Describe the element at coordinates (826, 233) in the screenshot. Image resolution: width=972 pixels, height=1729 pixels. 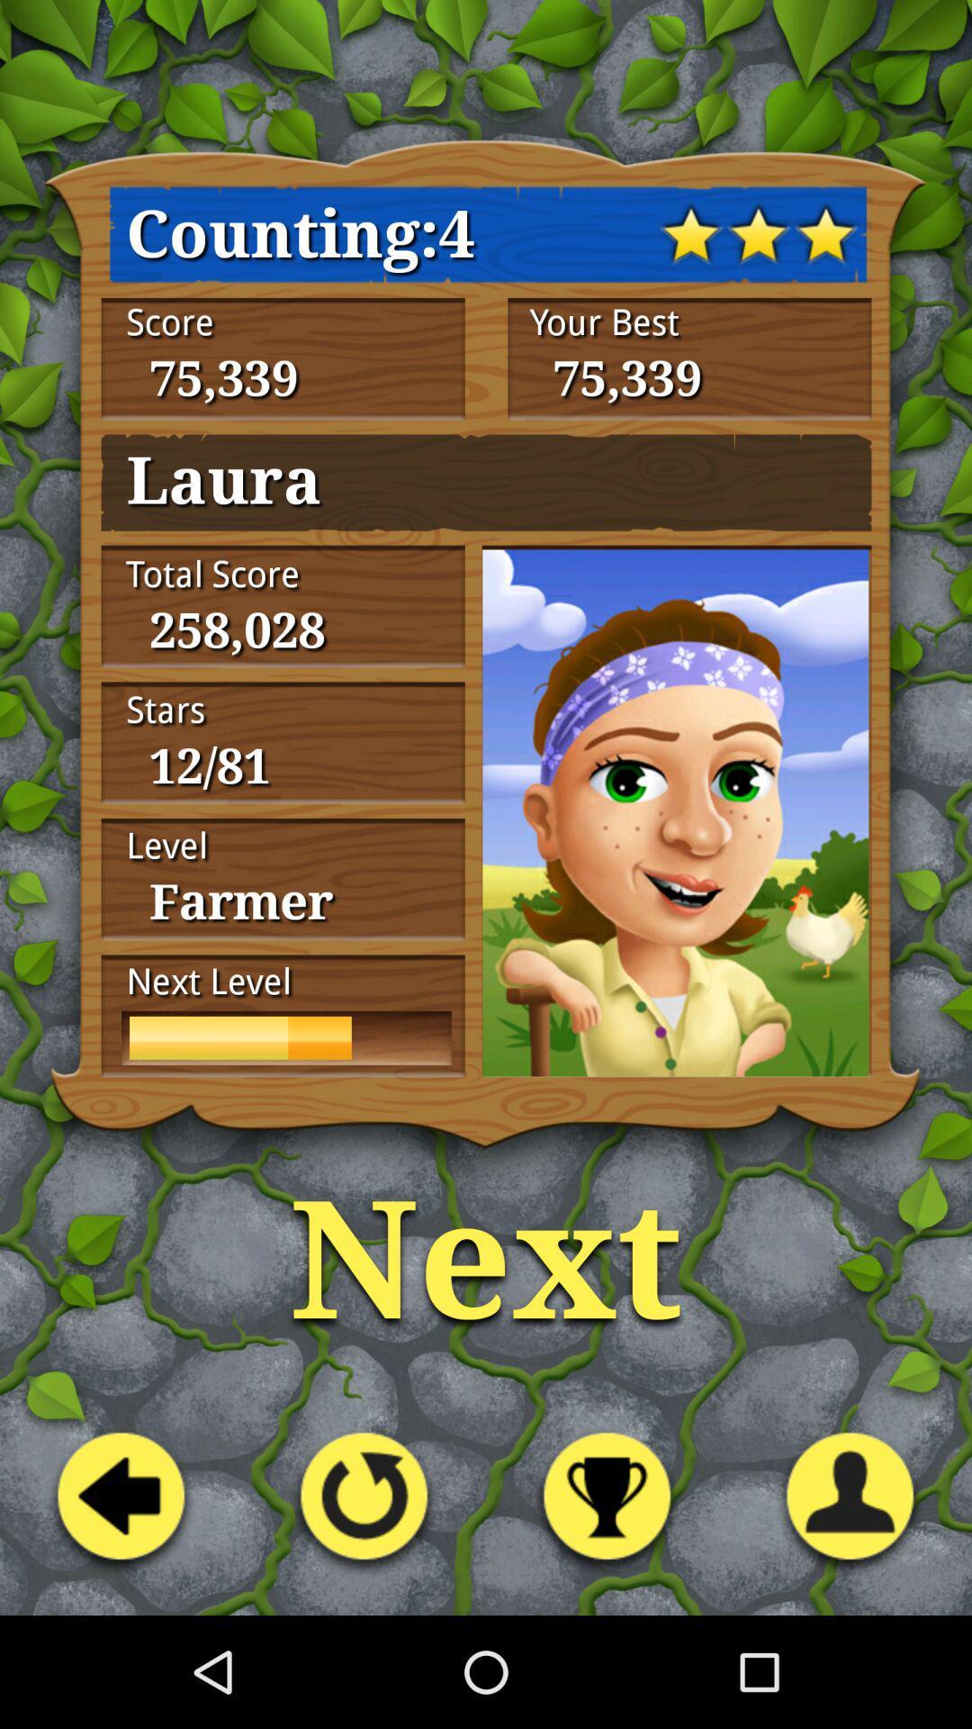
I see `the third star symbol at the top right corner of the page` at that location.